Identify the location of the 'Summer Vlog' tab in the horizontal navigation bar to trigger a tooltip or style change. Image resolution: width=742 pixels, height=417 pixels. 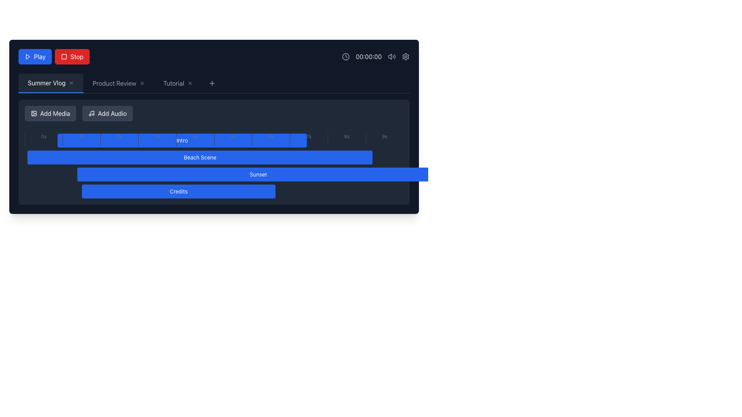
(50, 83).